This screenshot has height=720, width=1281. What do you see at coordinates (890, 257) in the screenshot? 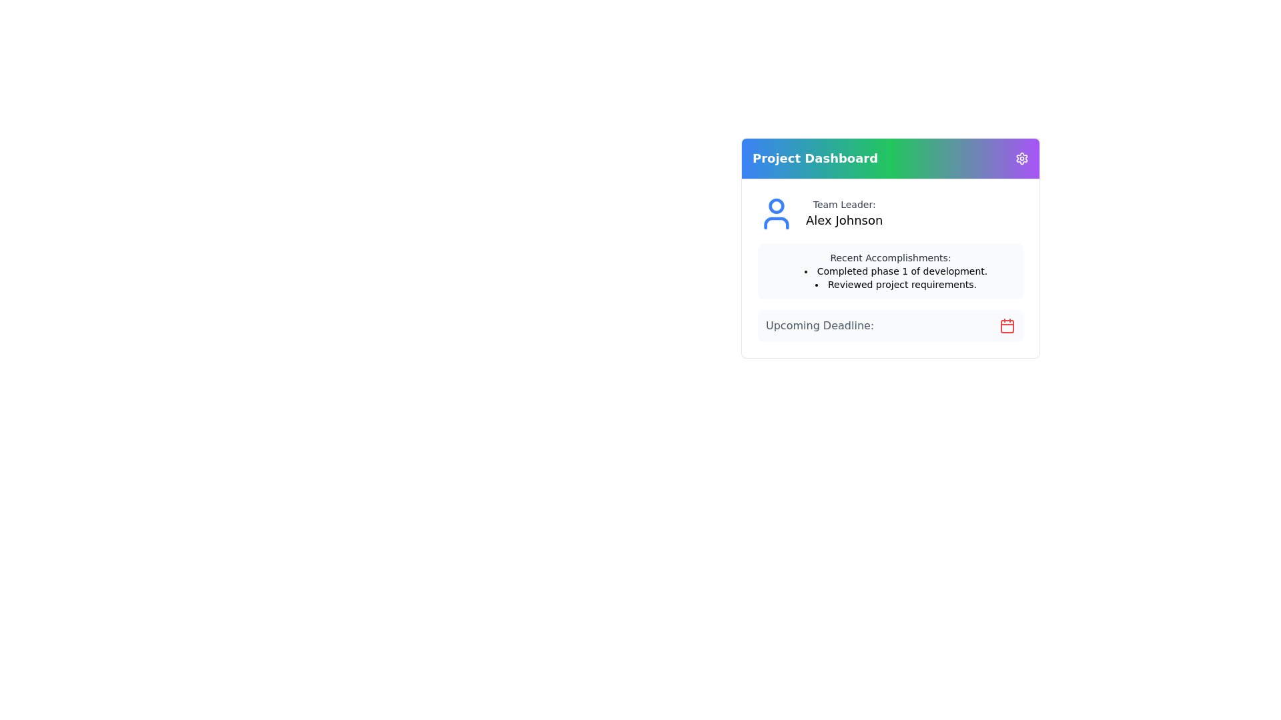
I see `text label that says 'Recent Accomplishments:' which is styled in a small gray font and located above a bulleted list` at bounding box center [890, 257].